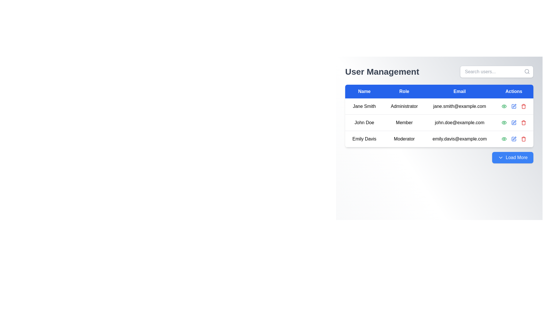 This screenshot has height=309, width=550. What do you see at coordinates (364, 91) in the screenshot?
I see `the table header element labeled 'Name', which is styled with a blue background and white text, located at the leftmost side of the row` at bounding box center [364, 91].